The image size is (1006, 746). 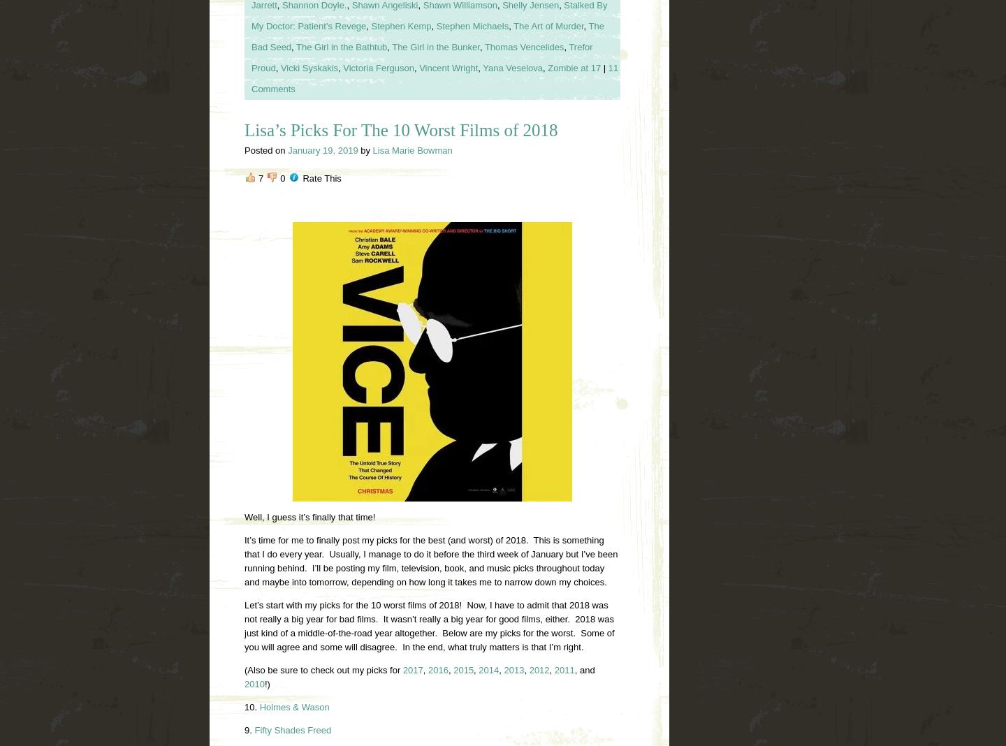 I want to click on 'Let’s start with my picks for the 10 worst films of 2018!  Now, I have to admit that 2018 was not really a big year for bad films.  It wasn’t really a big year for good films, either.  2018 was just kind of a middle-of-the-road year altogether.  Below are my picks for the worst.  Some of you will agree and some will disagree.  In the end, what truly matters is that I’m right.', so click(x=245, y=624).